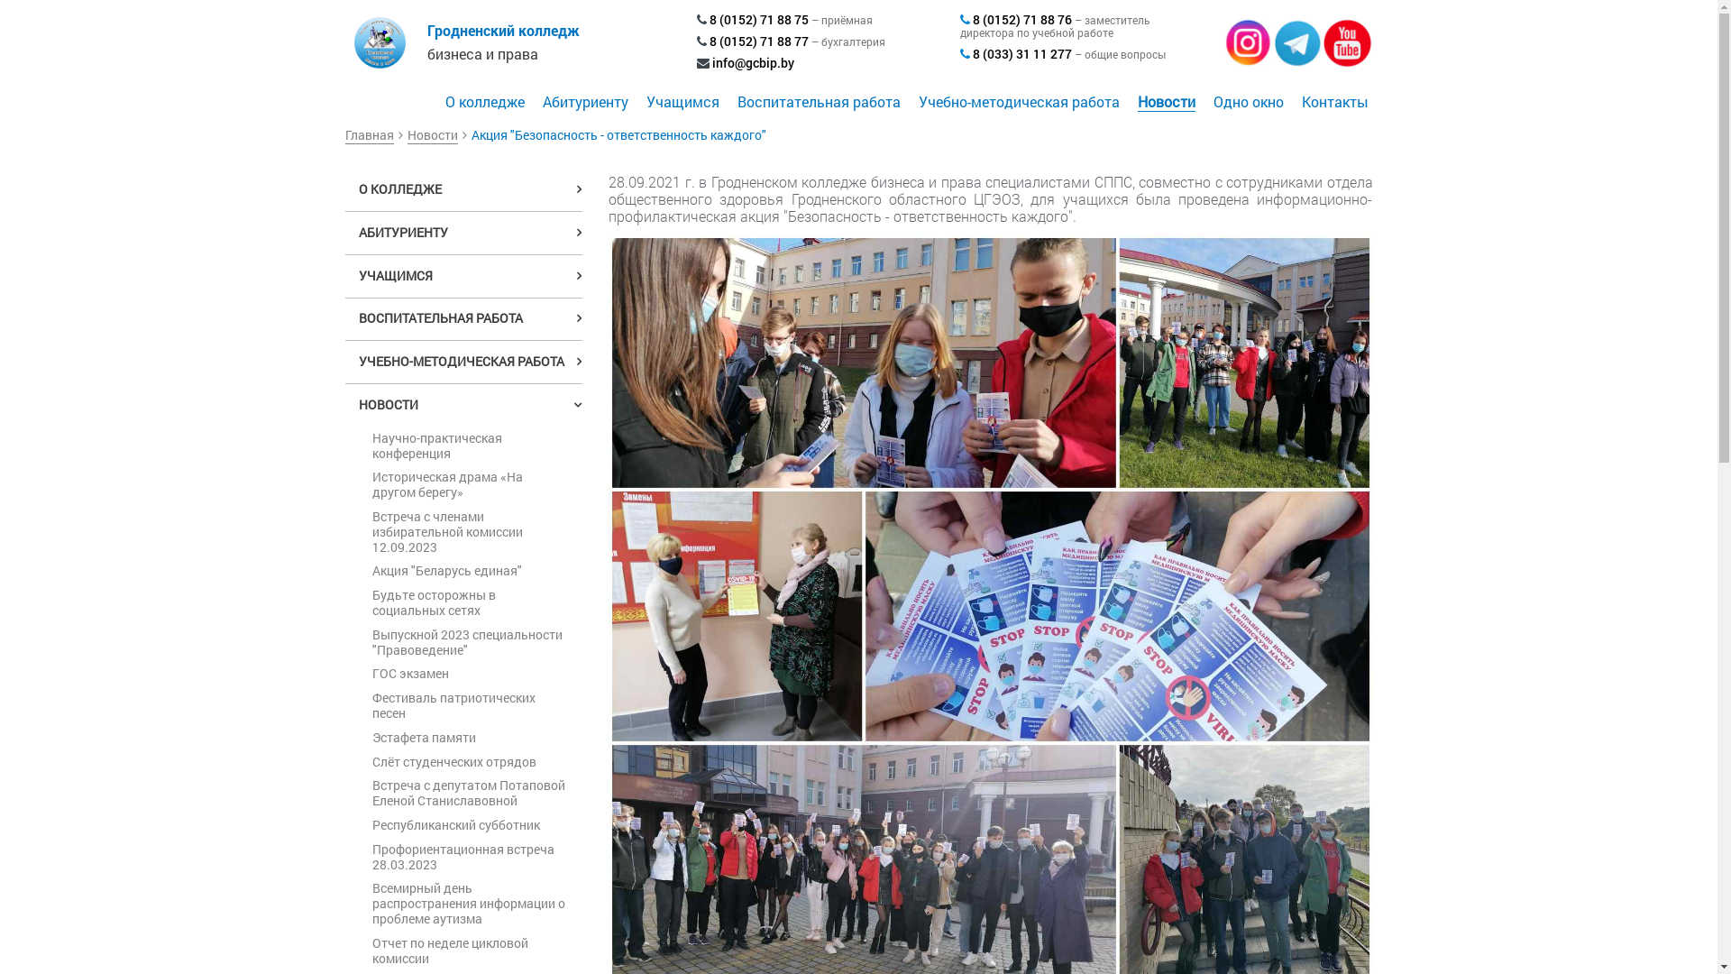 The height and width of the screenshot is (974, 1731). What do you see at coordinates (757, 19) in the screenshot?
I see `'8 (0152) 71 88 75'` at bounding box center [757, 19].